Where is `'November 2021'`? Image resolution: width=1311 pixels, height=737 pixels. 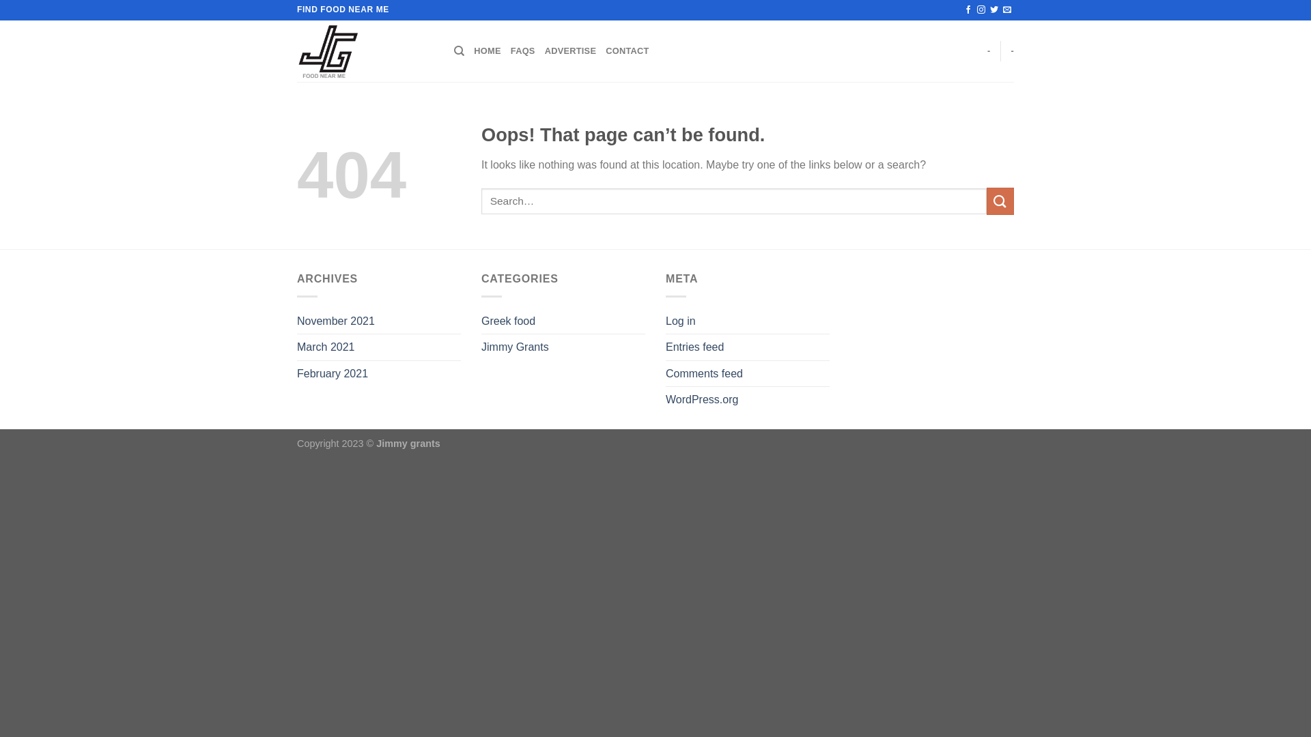 'November 2021' is located at coordinates (335, 321).